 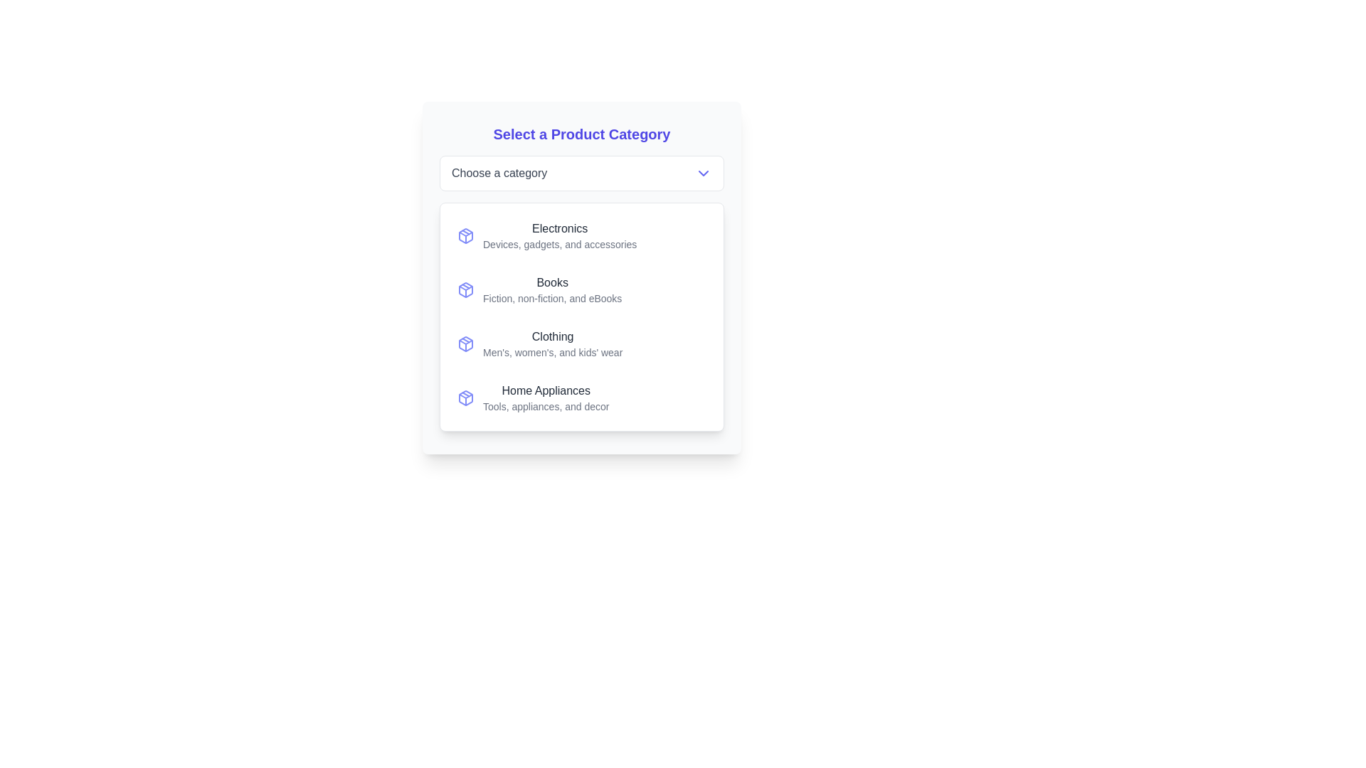 I want to click on the 'Home Appliances' text label within the dropdown menu category item, which is displayed in a medium-bold dark gray font, positioned above the description text 'Tools, appliances, and decor.', so click(x=545, y=391).